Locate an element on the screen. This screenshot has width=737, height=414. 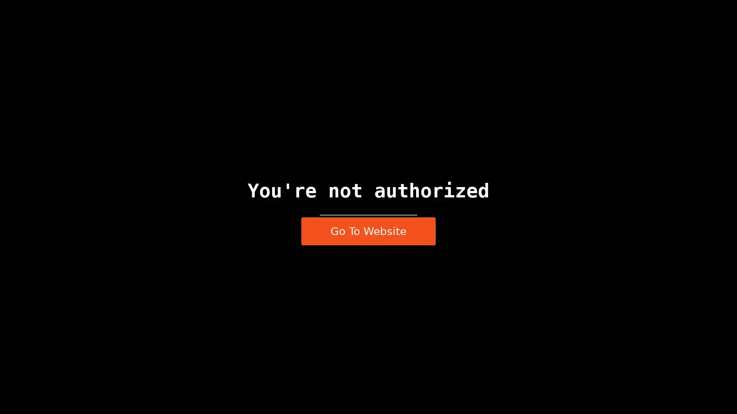
Go To Website is located at coordinates (368, 231).